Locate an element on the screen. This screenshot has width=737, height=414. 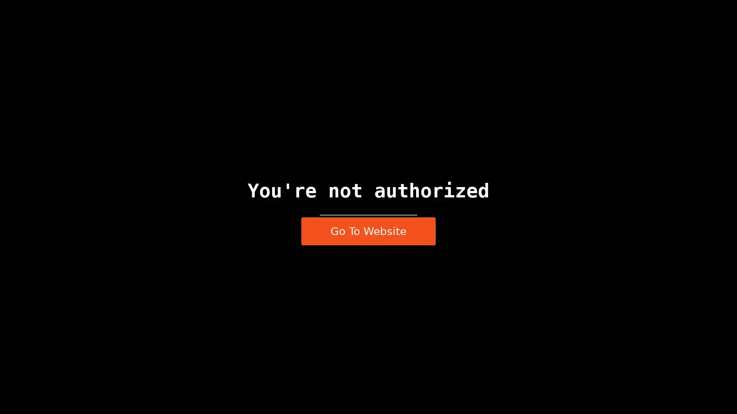
Go To Website is located at coordinates (368, 231).